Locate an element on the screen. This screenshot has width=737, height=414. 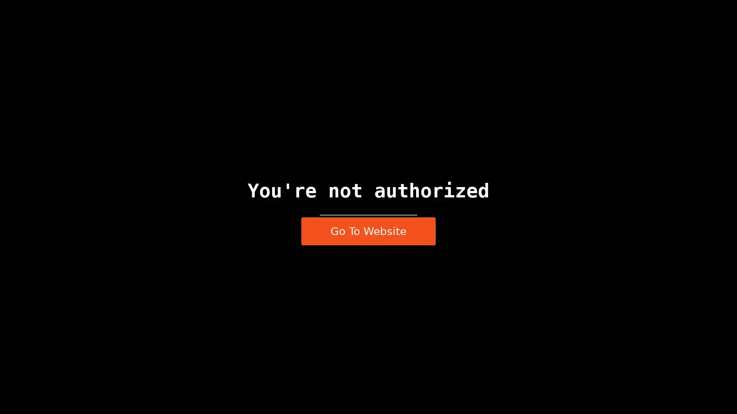
Go To Website is located at coordinates (368, 231).